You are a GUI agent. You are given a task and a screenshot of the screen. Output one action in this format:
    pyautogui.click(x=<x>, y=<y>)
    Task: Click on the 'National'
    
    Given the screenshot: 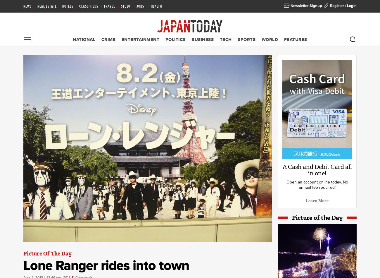 What is the action you would take?
    pyautogui.click(x=84, y=39)
    